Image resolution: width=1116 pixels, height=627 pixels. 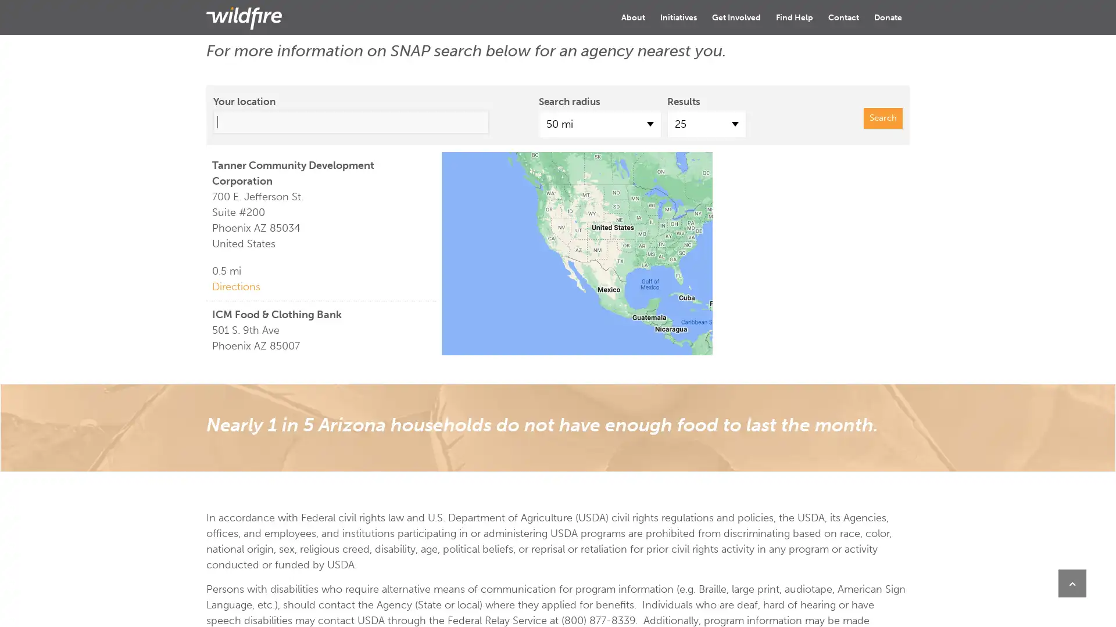 I want to click on Empowerment Systems, Inc.  Maricopa Roosevelt WIC, so click(x=682, y=240).